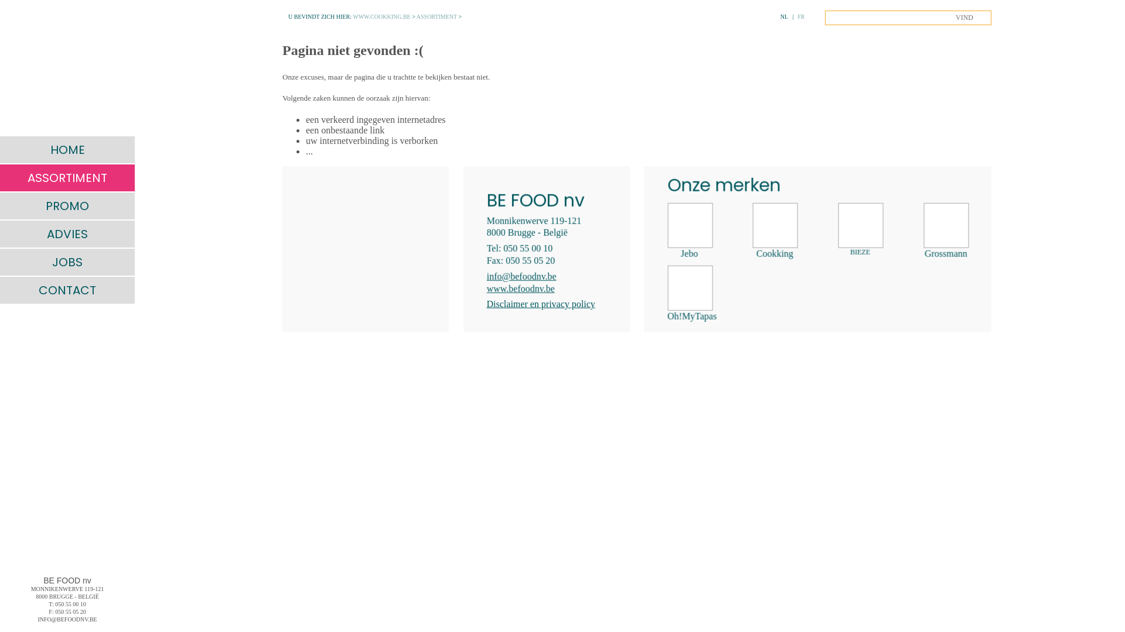 Image resolution: width=1125 pixels, height=632 pixels. What do you see at coordinates (436, 16) in the screenshot?
I see `'ASSORTIMENT'` at bounding box center [436, 16].